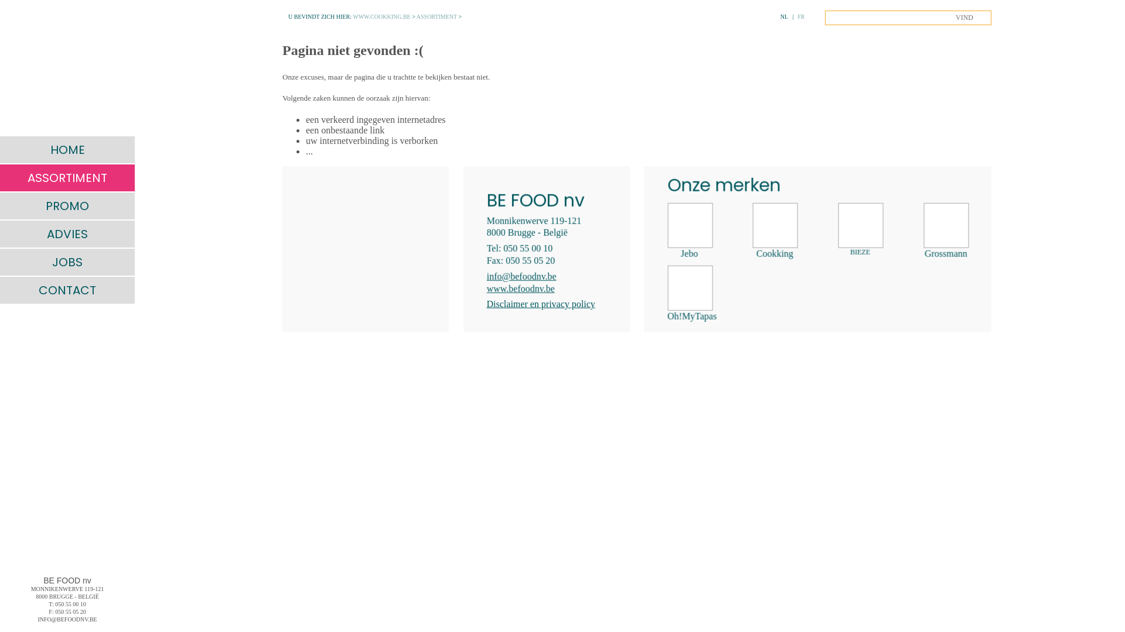 Image resolution: width=1125 pixels, height=632 pixels. What do you see at coordinates (436, 16) in the screenshot?
I see `'ASSORTIMENT'` at bounding box center [436, 16].